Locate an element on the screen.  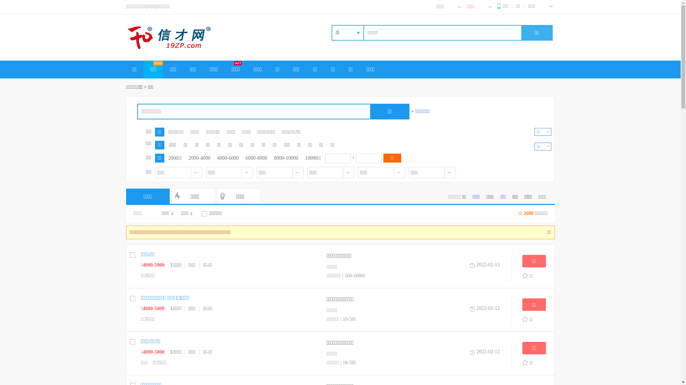
'6000-8000' is located at coordinates (256, 158).